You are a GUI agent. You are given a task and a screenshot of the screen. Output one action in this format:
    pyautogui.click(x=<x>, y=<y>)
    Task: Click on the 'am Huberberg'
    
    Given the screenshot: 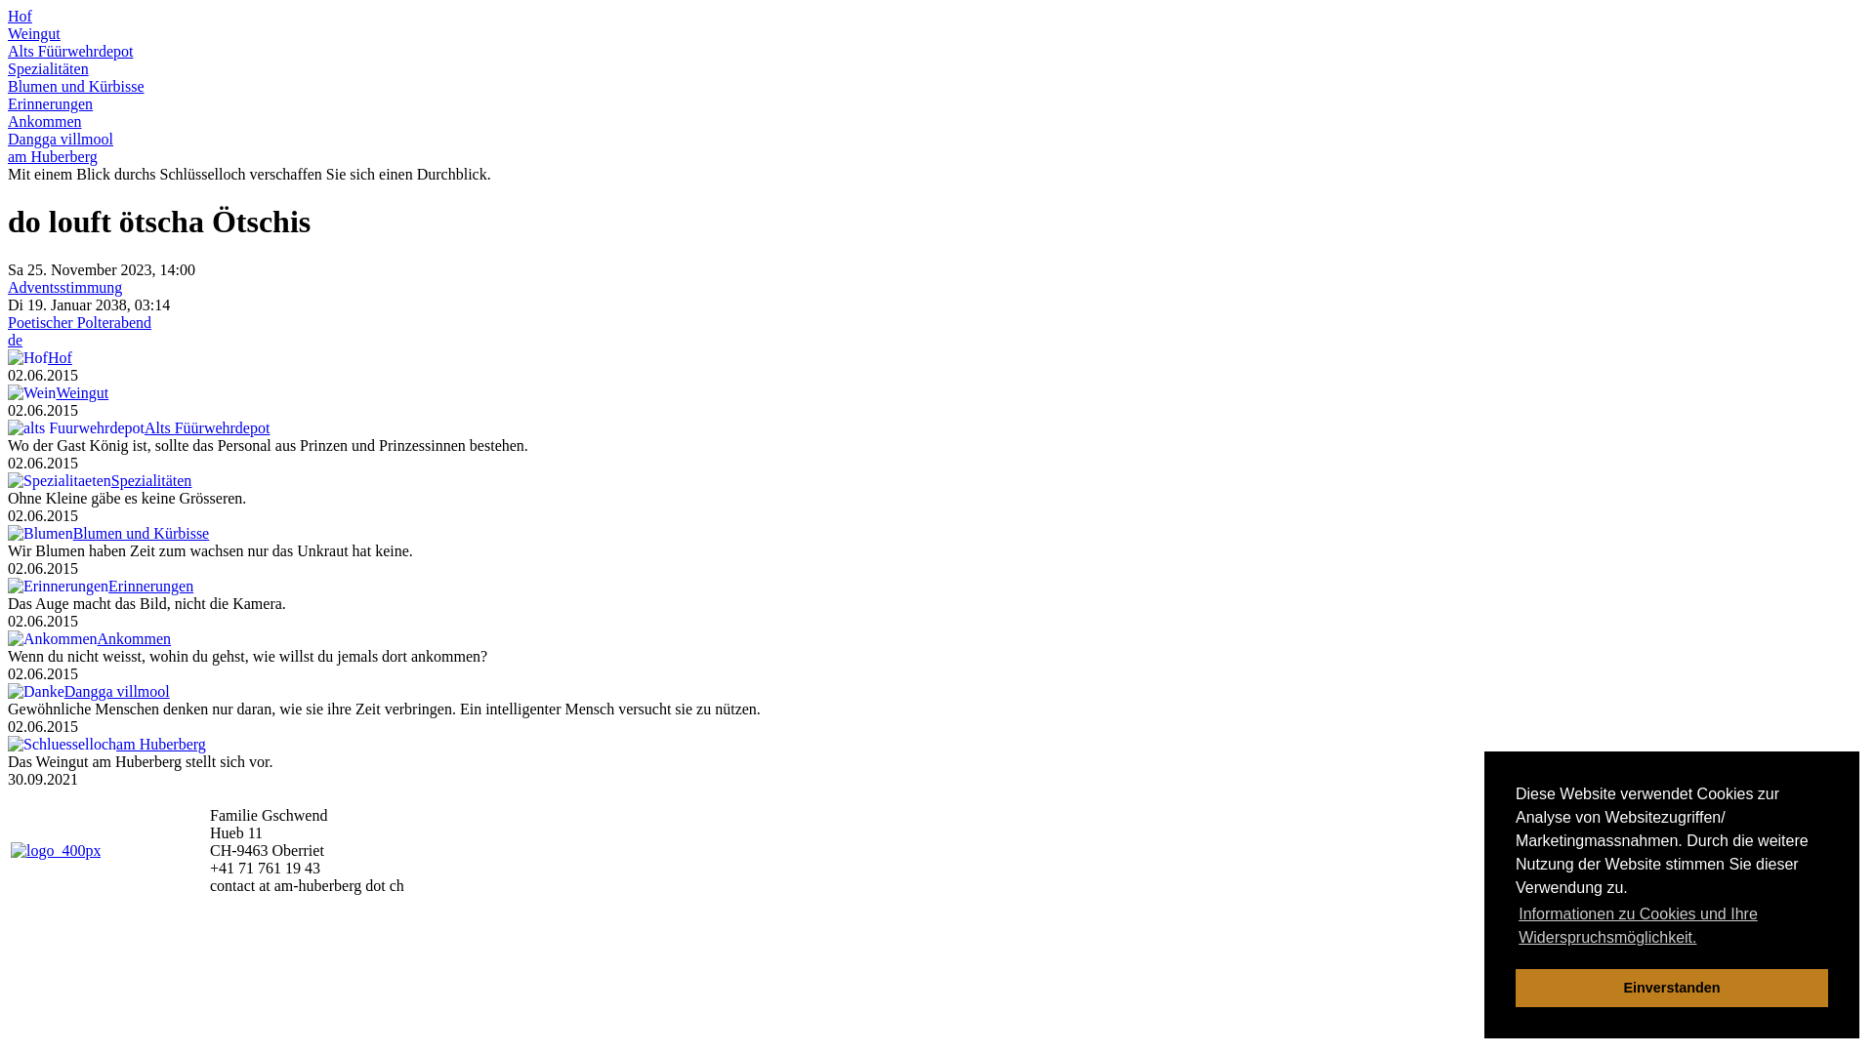 What is the action you would take?
    pyautogui.click(x=52, y=155)
    